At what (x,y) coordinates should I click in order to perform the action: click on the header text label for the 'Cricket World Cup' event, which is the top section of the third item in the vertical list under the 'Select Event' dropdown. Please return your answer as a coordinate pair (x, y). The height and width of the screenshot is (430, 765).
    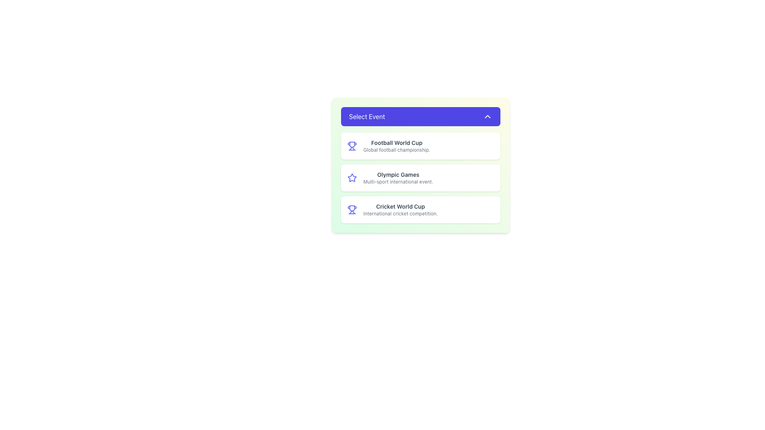
    Looking at the image, I should click on (400, 206).